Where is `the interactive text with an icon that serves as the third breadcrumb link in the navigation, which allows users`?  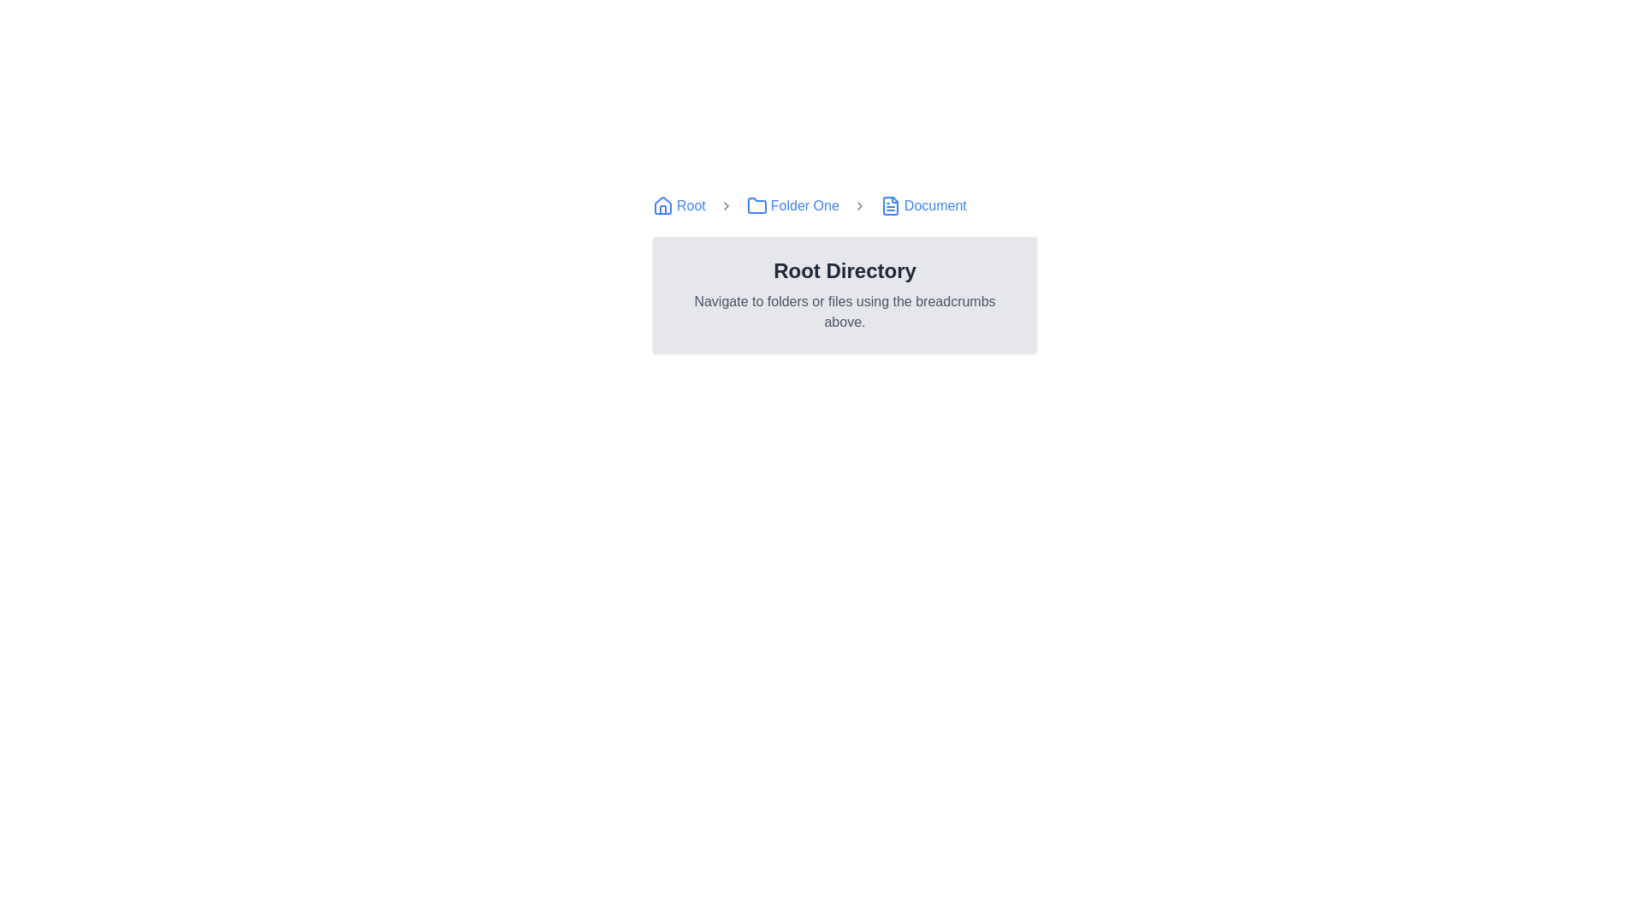
the interactive text with an icon that serves as the third breadcrumb link in the navigation, which allows users is located at coordinates (792, 204).